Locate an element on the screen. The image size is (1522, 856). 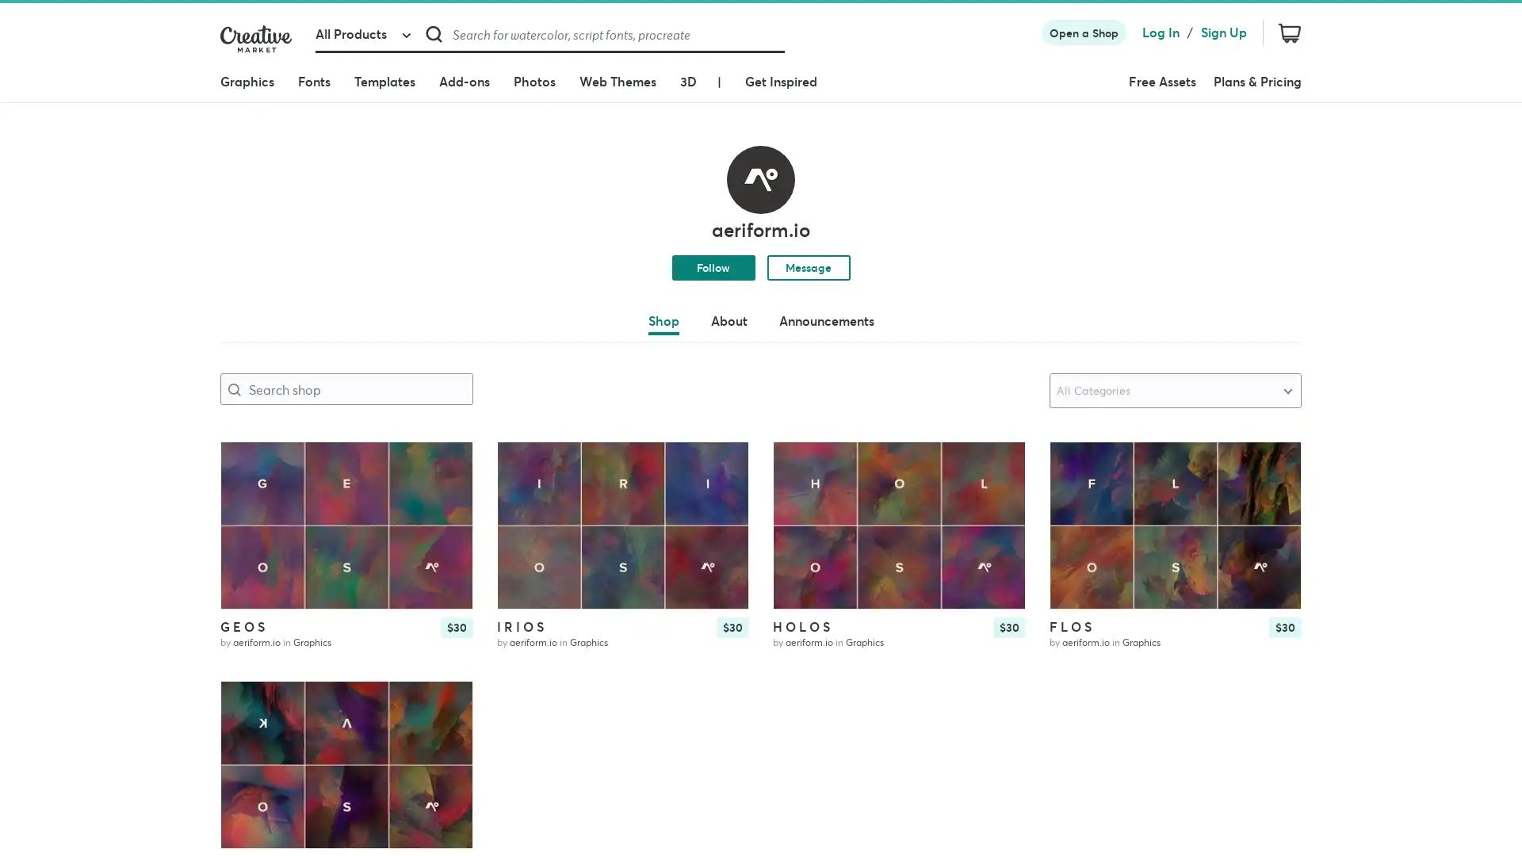
Plans & Pricing is located at coordinates (1256, 82).